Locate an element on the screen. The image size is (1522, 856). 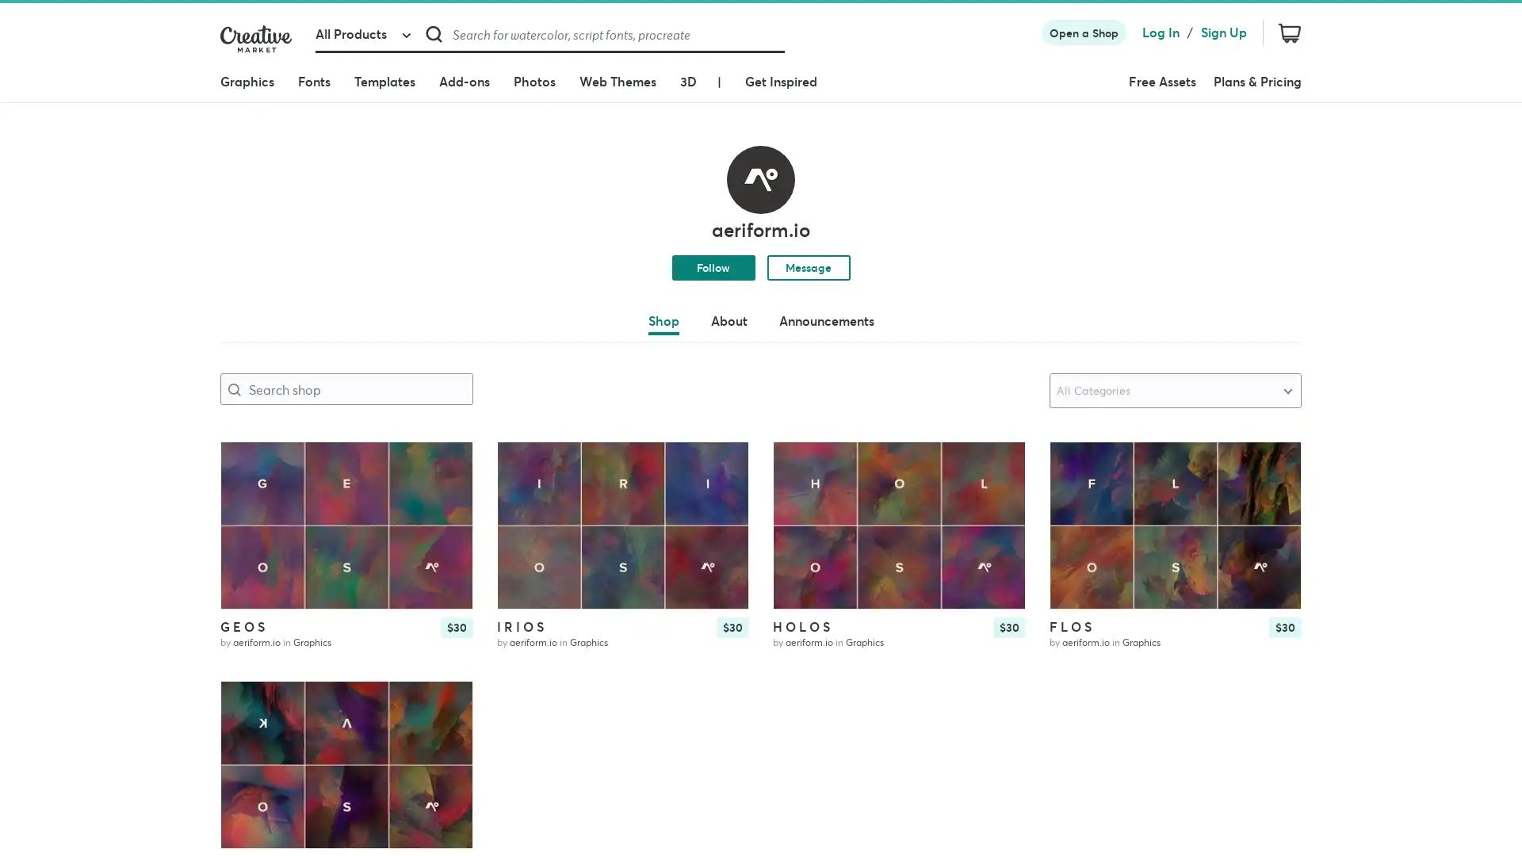
Plans & Pricing is located at coordinates (1256, 82).